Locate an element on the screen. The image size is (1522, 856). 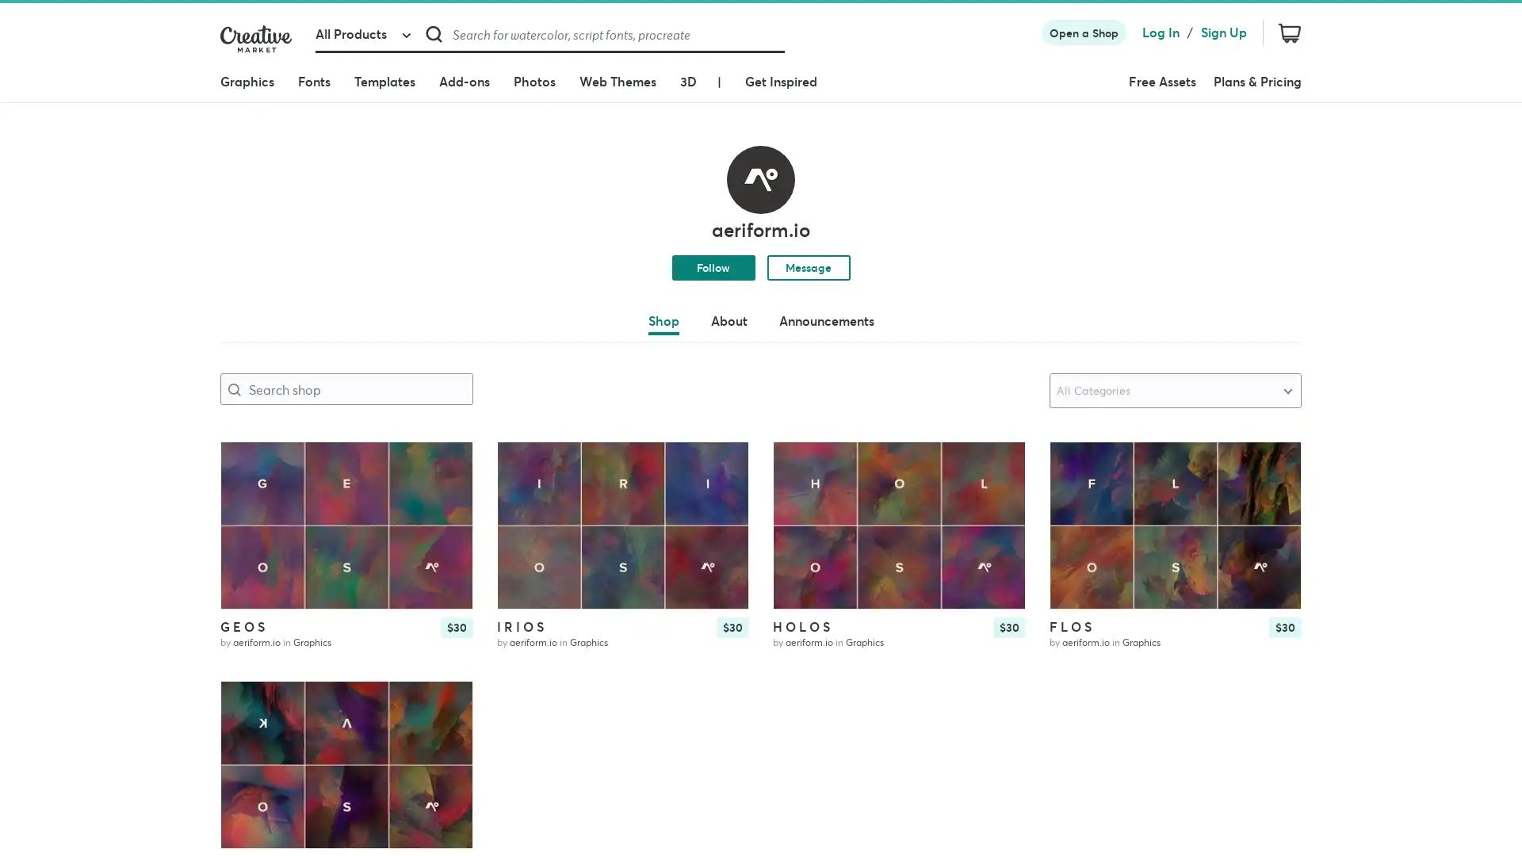
Plans & Pricing is located at coordinates (1256, 82).